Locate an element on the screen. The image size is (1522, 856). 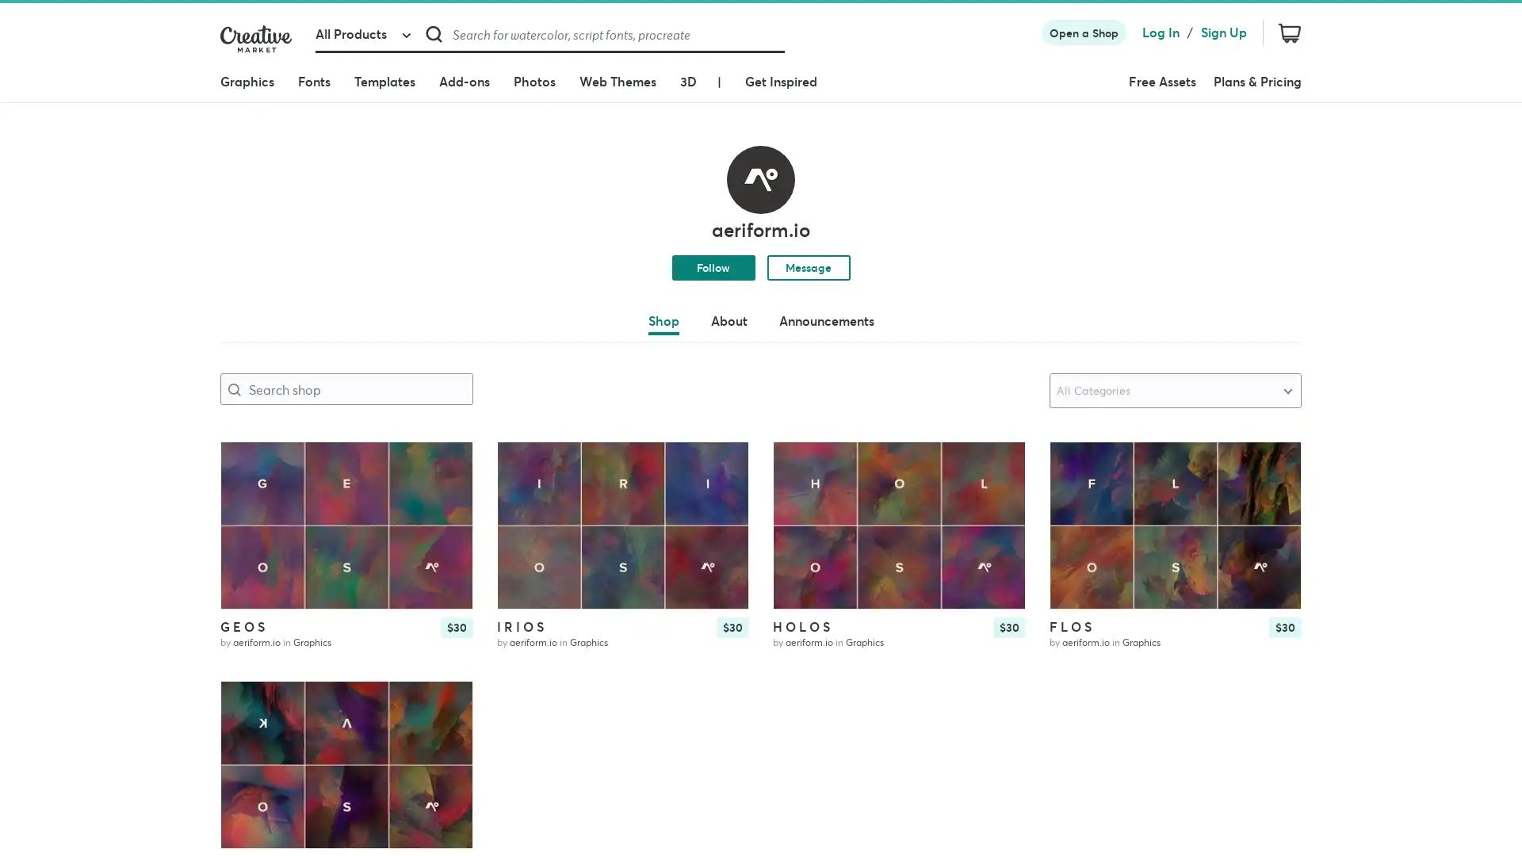
Plans & Pricing is located at coordinates (1256, 82).